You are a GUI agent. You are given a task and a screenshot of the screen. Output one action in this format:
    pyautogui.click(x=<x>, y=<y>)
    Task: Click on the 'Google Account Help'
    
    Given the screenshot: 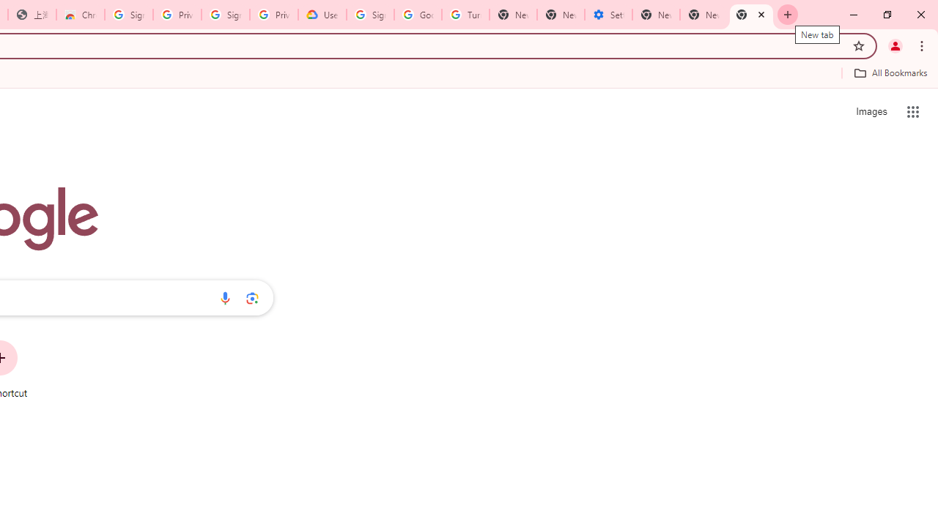 What is the action you would take?
    pyautogui.click(x=417, y=15)
    